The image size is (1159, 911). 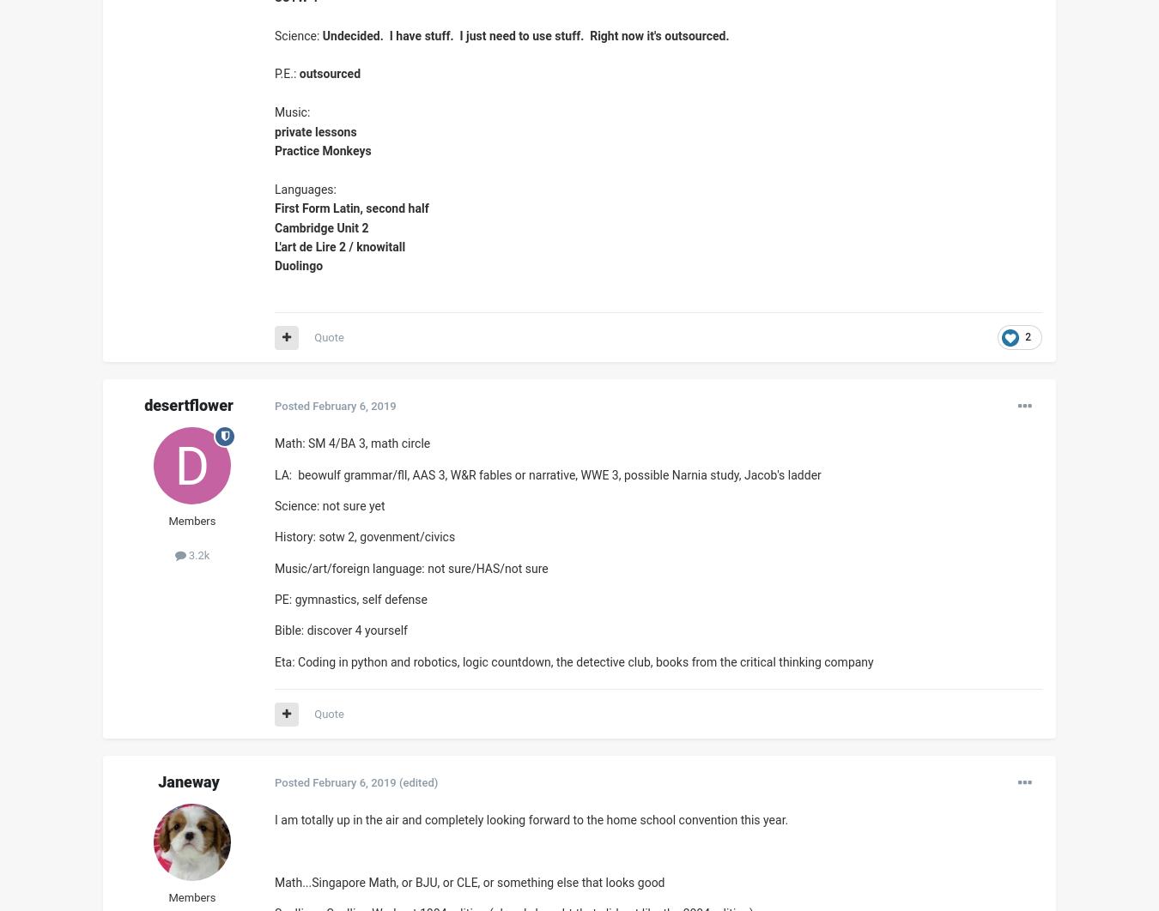 What do you see at coordinates (273, 264) in the screenshot?
I see `'Duolingo'` at bounding box center [273, 264].